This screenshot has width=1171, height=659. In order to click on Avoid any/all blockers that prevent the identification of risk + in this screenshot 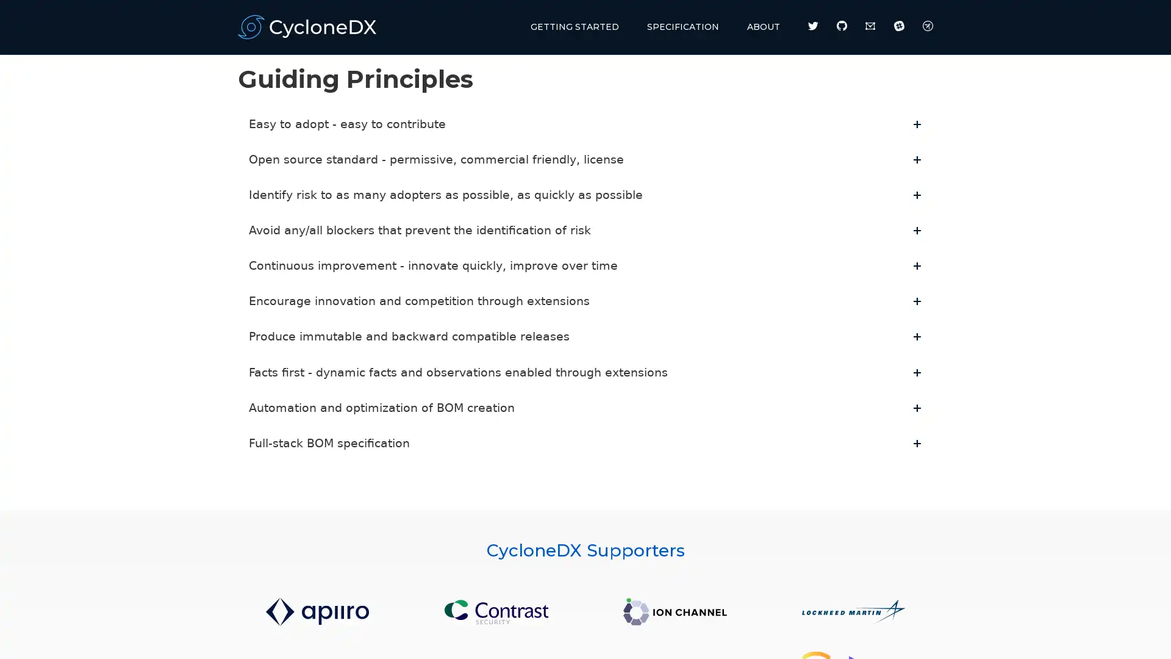, I will do `click(585, 231)`.